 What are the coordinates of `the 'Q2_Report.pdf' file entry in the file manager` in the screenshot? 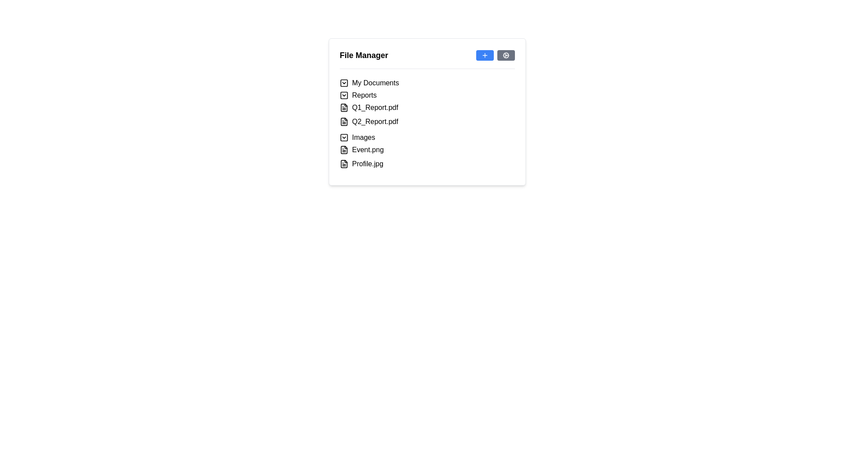 It's located at (427, 122).